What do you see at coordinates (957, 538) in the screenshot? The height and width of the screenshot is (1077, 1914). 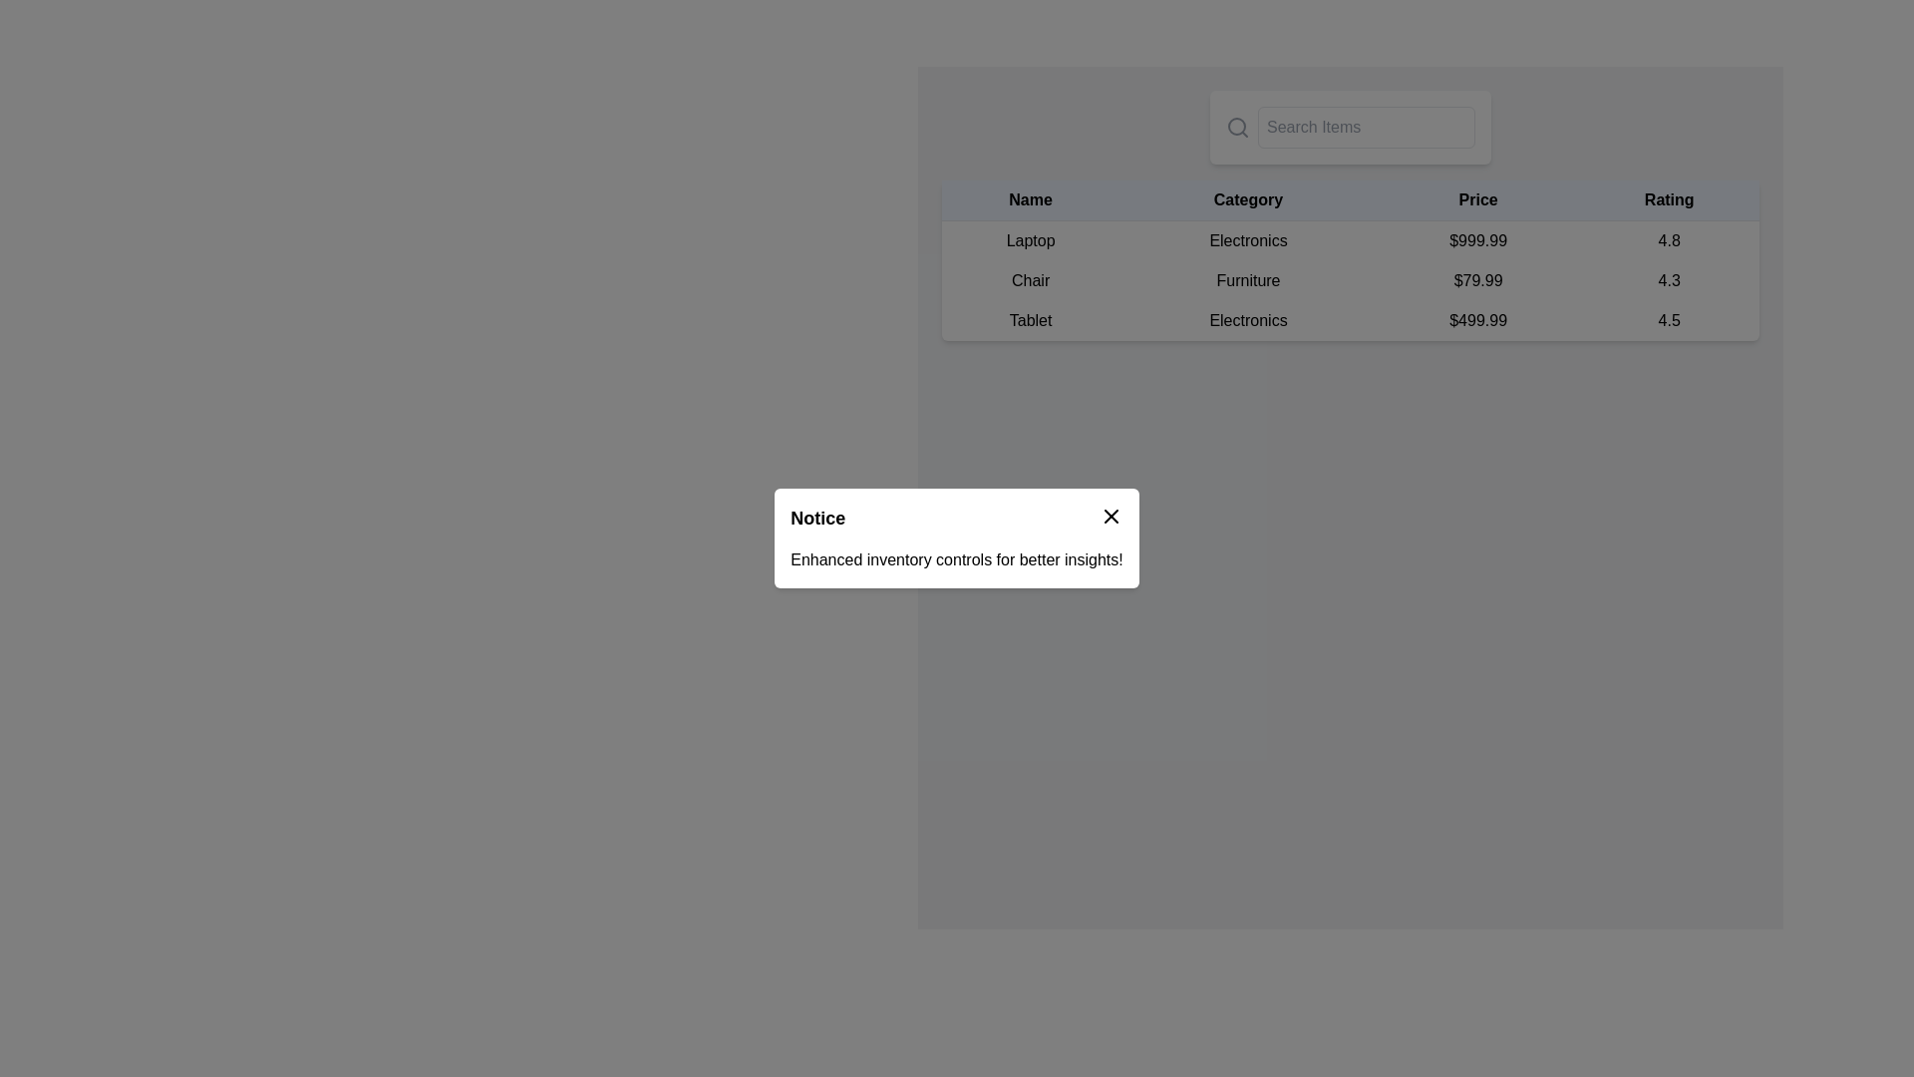 I see `the Notification modal that displays the title 'Notice' and the subtitle 'Enhanced inventory controls for better insights!' for accessibility interactions` at bounding box center [957, 538].